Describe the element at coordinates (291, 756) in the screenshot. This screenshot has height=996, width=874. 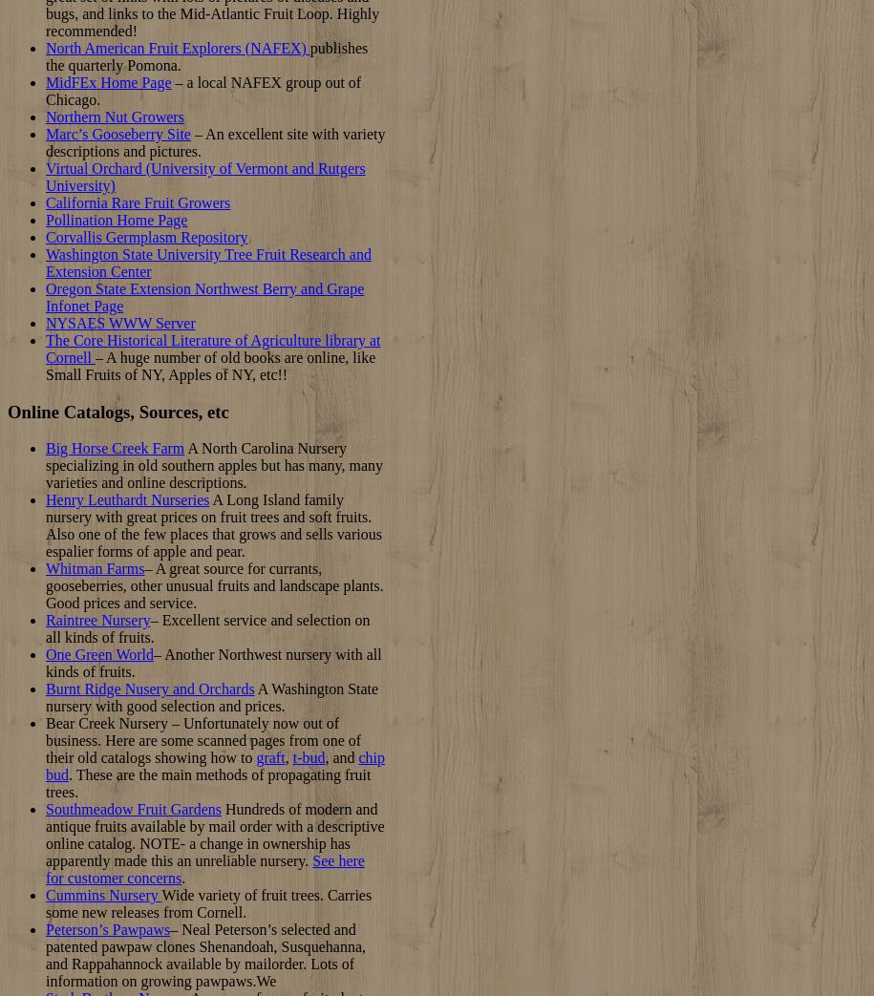
I see `'t-bud'` at that location.